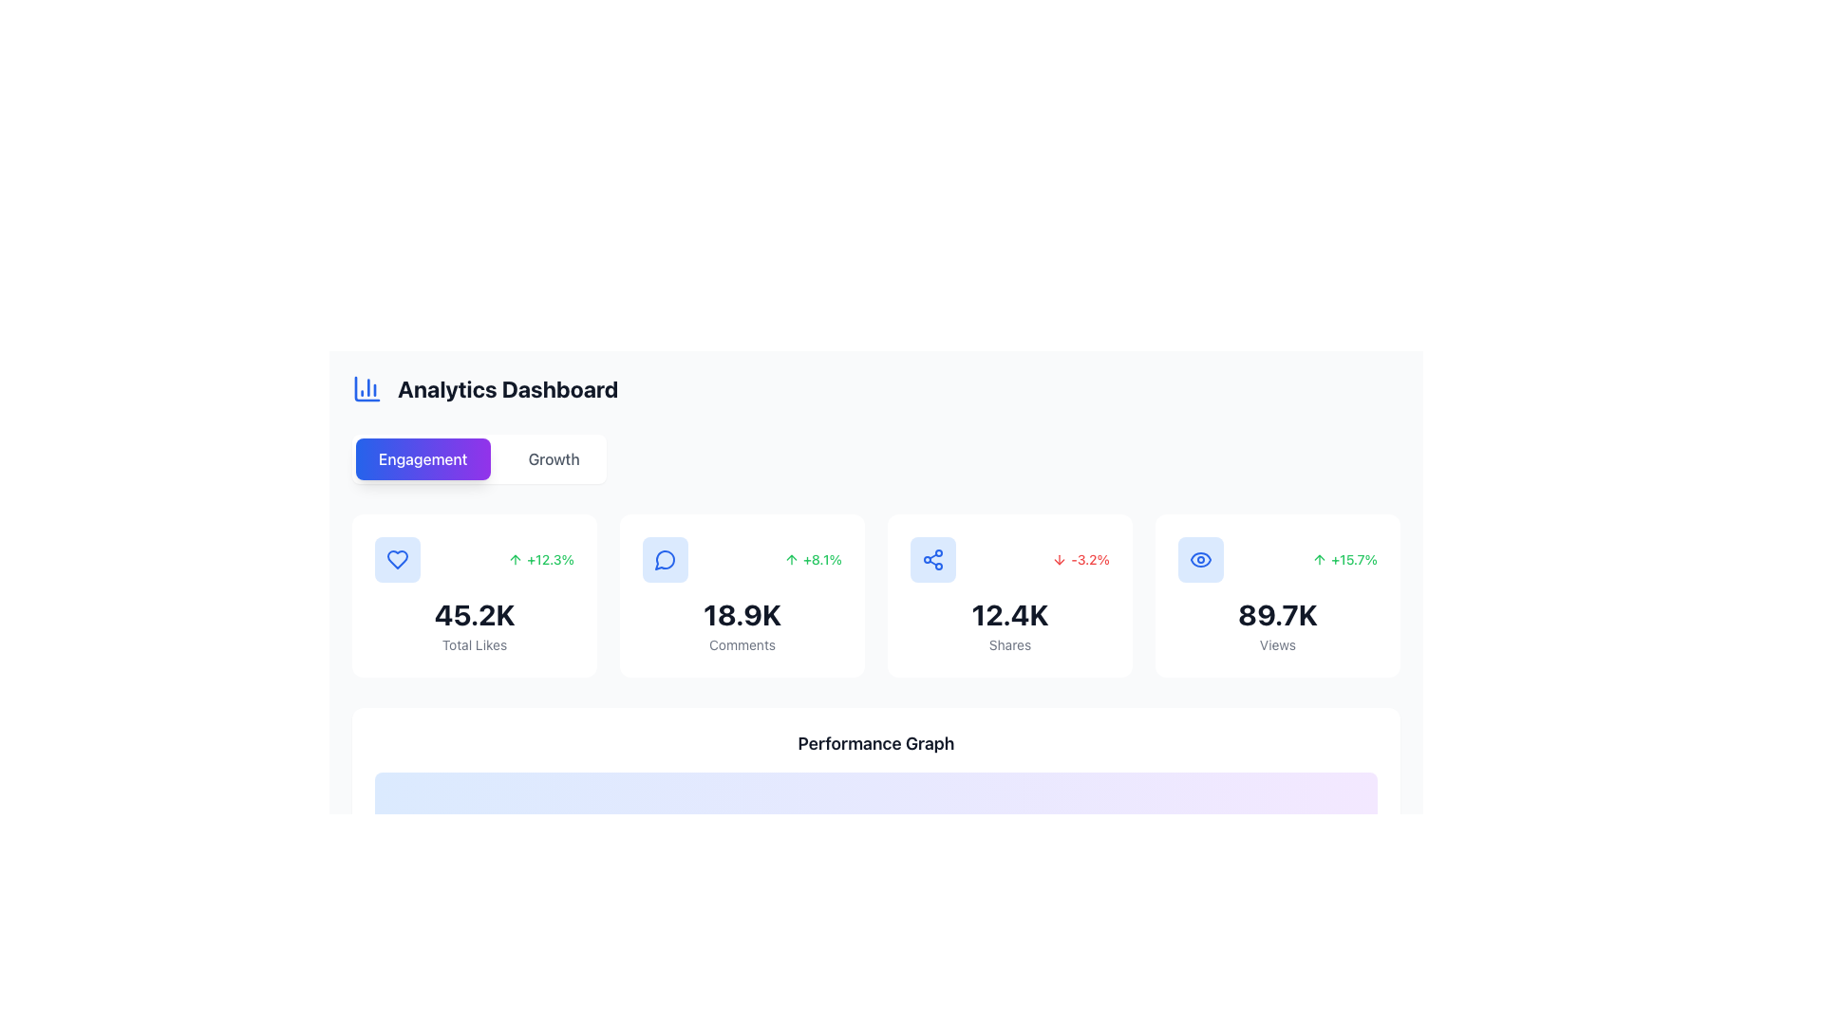  What do you see at coordinates (1009, 615) in the screenshot?
I see `displayed value of the share count from the Text Display located in the 'Shares' card, which is centrally positioned among four cards on the dashboard` at bounding box center [1009, 615].